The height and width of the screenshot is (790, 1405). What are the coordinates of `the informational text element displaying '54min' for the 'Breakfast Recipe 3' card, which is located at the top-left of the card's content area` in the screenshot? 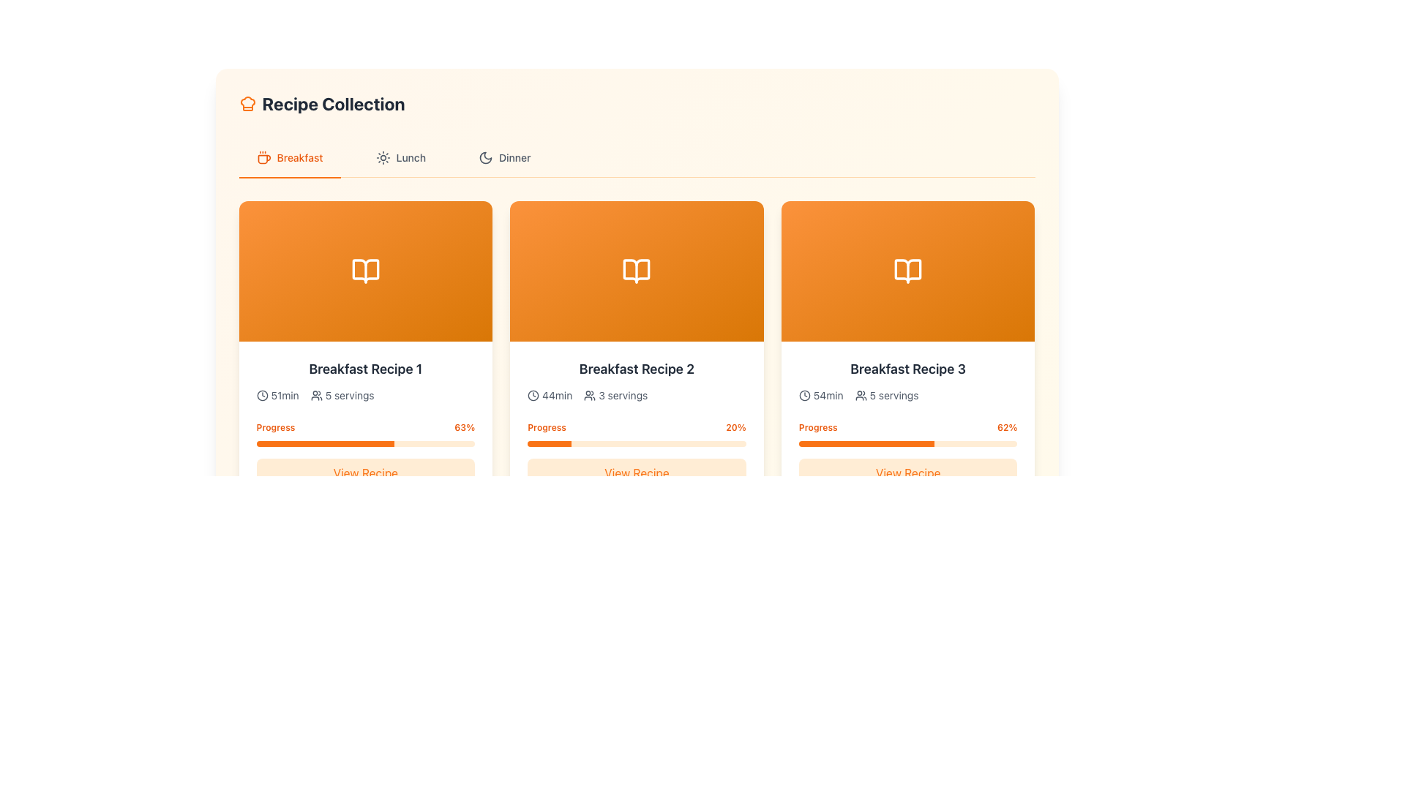 It's located at (821, 395).